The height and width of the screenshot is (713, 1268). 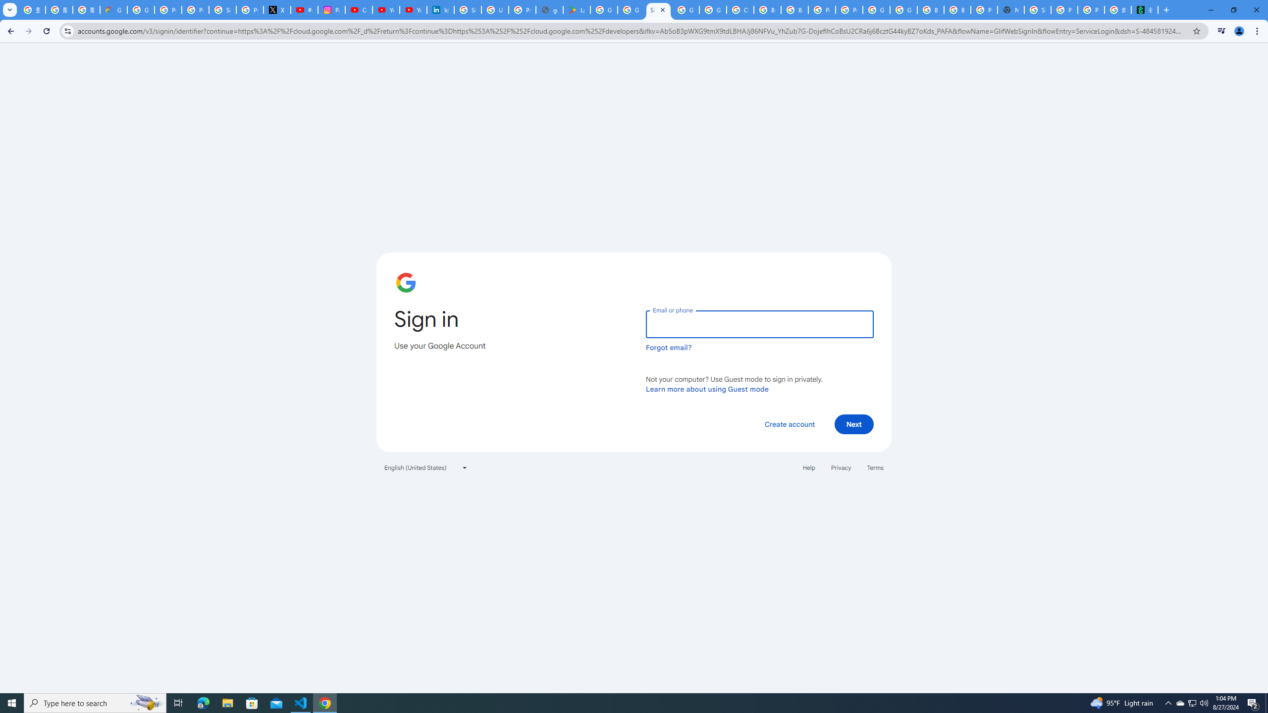 What do you see at coordinates (1010, 9) in the screenshot?
I see `'New Tab'` at bounding box center [1010, 9].